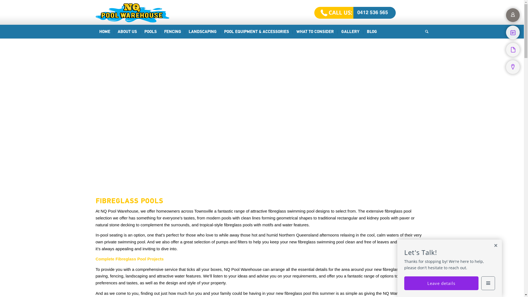  What do you see at coordinates (150, 32) in the screenshot?
I see `'POOLS'` at bounding box center [150, 32].